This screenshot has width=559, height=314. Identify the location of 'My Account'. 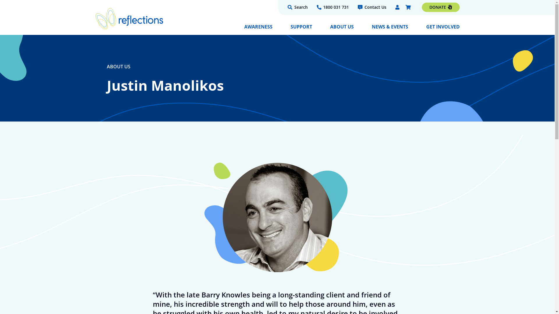
(398, 8).